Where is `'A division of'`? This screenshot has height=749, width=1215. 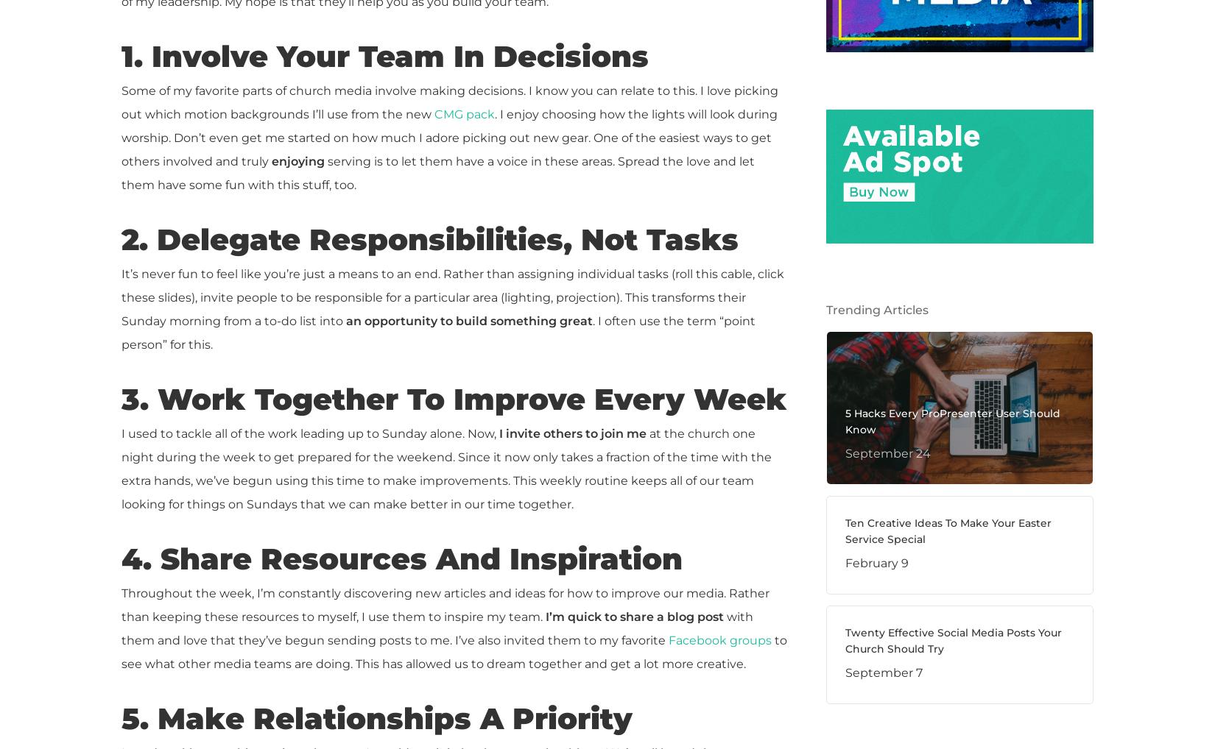
'A division of' is located at coordinates (121, 584).